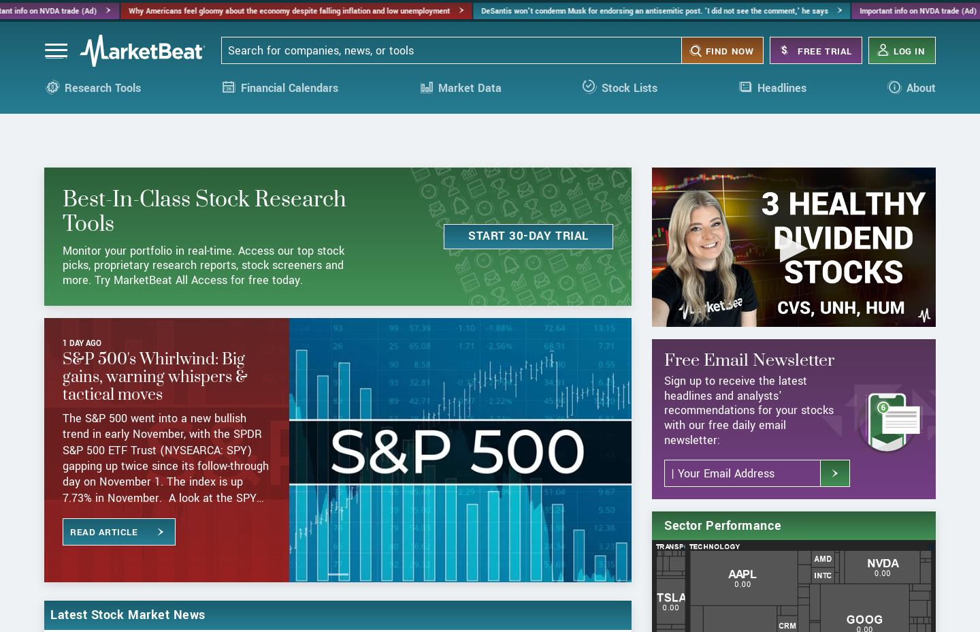 This screenshot has width=980, height=632. Describe the element at coordinates (836, 10) in the screenshot. I see `'Important info on NVDA trade (Ad)'` at that location.